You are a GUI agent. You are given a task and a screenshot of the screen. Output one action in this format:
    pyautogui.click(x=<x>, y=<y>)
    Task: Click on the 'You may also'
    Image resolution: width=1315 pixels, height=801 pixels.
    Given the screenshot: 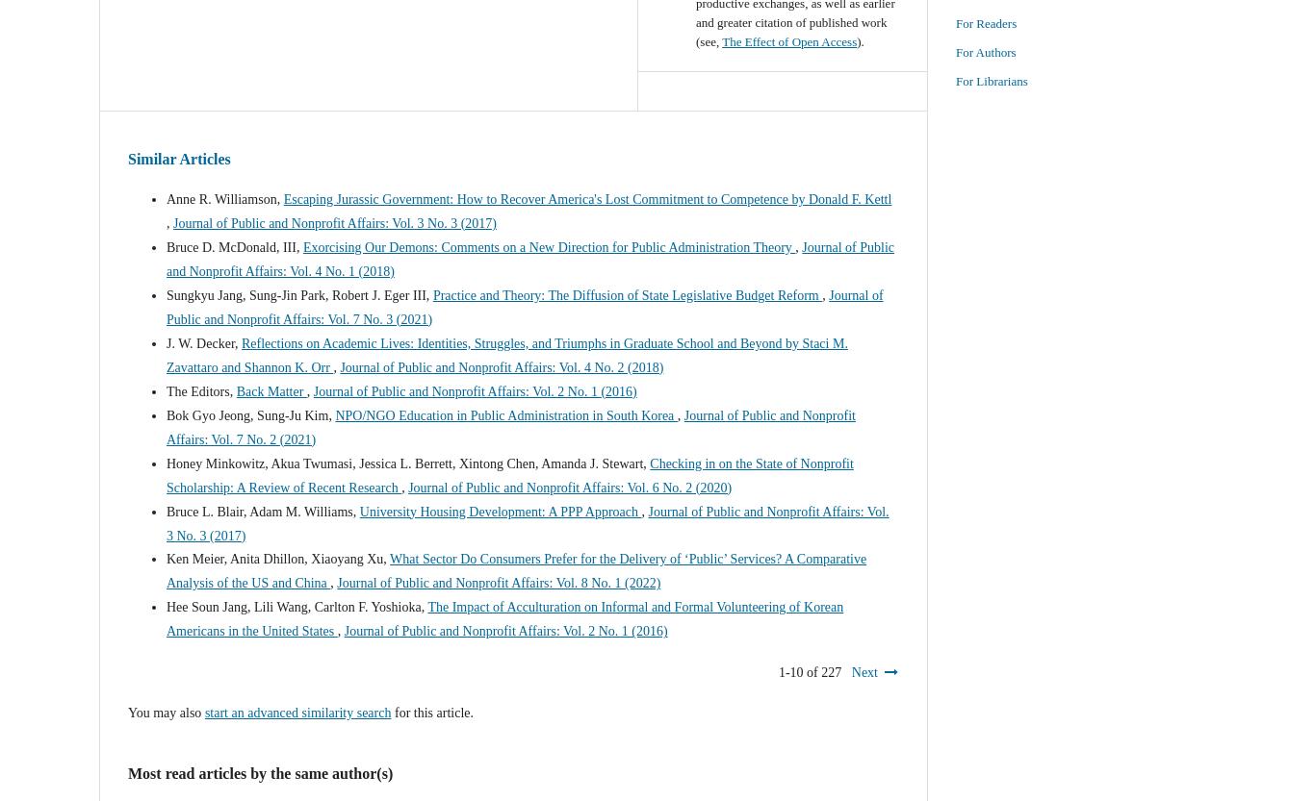 What is the action you would take?
    pyautogui.click(x=165, y=713)
    